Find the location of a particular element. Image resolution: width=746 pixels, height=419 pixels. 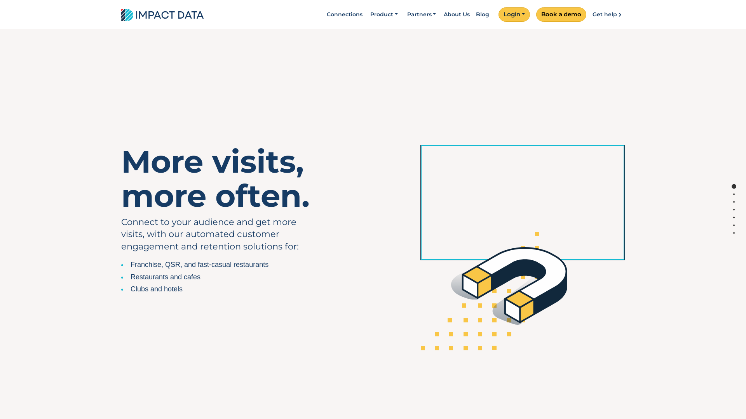

'Section 5' is located at coordinates (734, 217).